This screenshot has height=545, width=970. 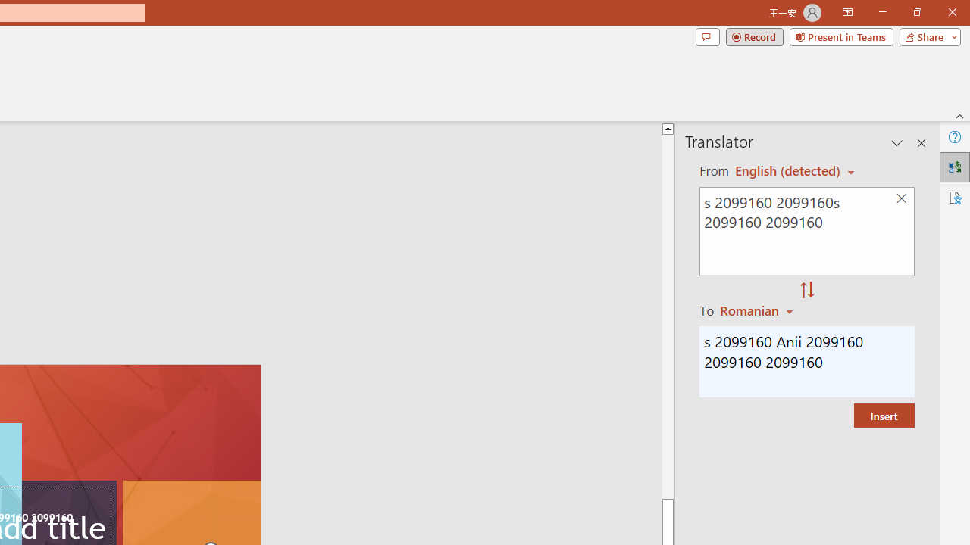 I want to click on 'Romanian', so click(x=759, y=310).